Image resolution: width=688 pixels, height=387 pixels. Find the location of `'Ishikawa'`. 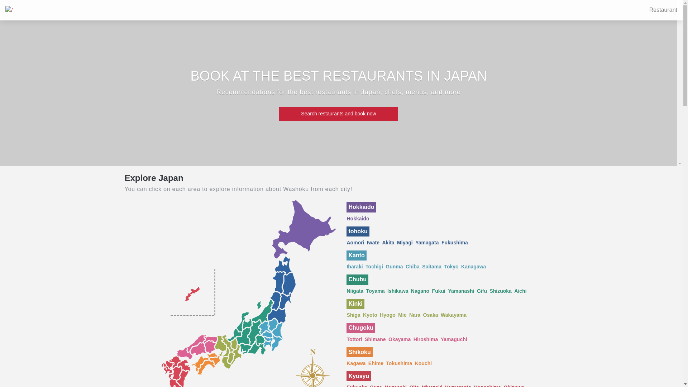

'Ishikawa' is located at coordinates (397, 291).